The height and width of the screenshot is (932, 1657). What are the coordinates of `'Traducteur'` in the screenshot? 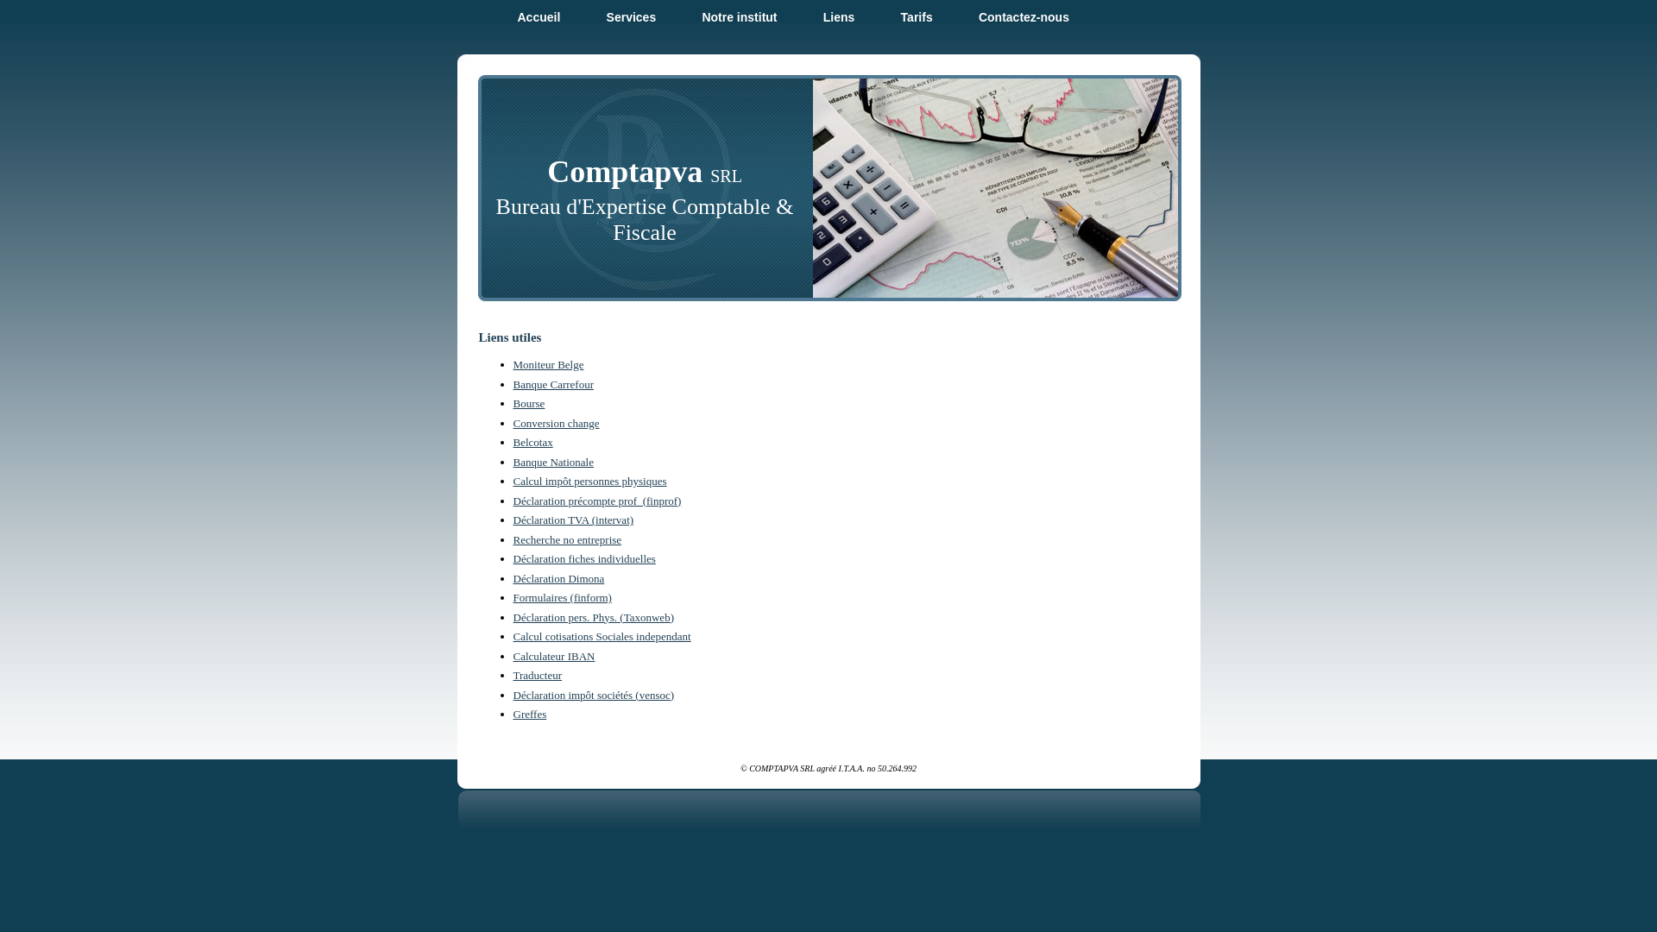 It's located at (536, 674).